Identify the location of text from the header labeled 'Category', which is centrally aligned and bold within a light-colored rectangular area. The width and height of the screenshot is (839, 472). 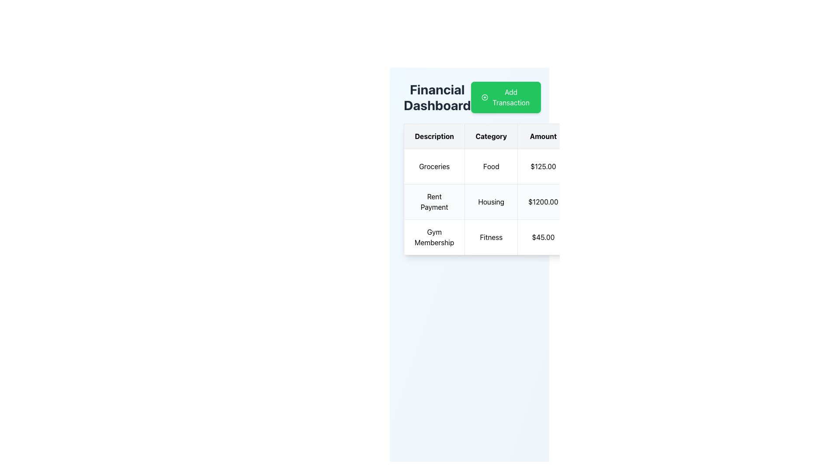
(491, 136).